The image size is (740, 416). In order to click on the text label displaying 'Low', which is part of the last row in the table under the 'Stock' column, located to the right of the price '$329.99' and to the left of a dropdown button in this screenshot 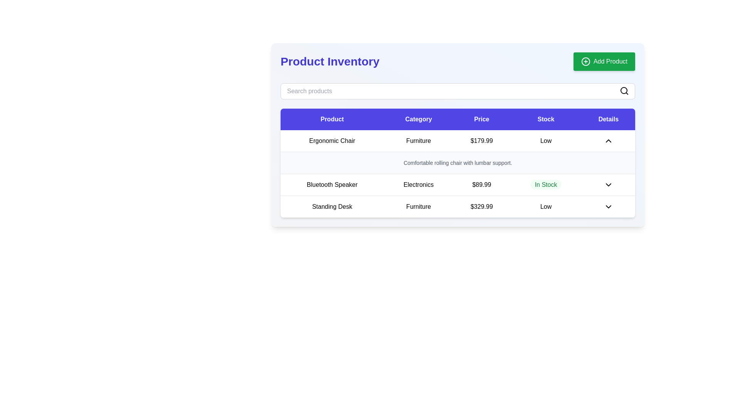, I will do `click(545, 206)`.